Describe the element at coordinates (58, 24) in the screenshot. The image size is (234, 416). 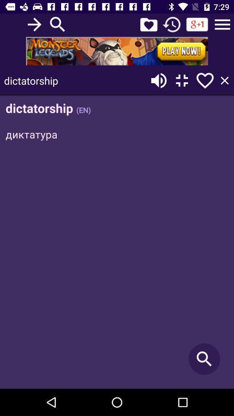
I see `search` at that location.